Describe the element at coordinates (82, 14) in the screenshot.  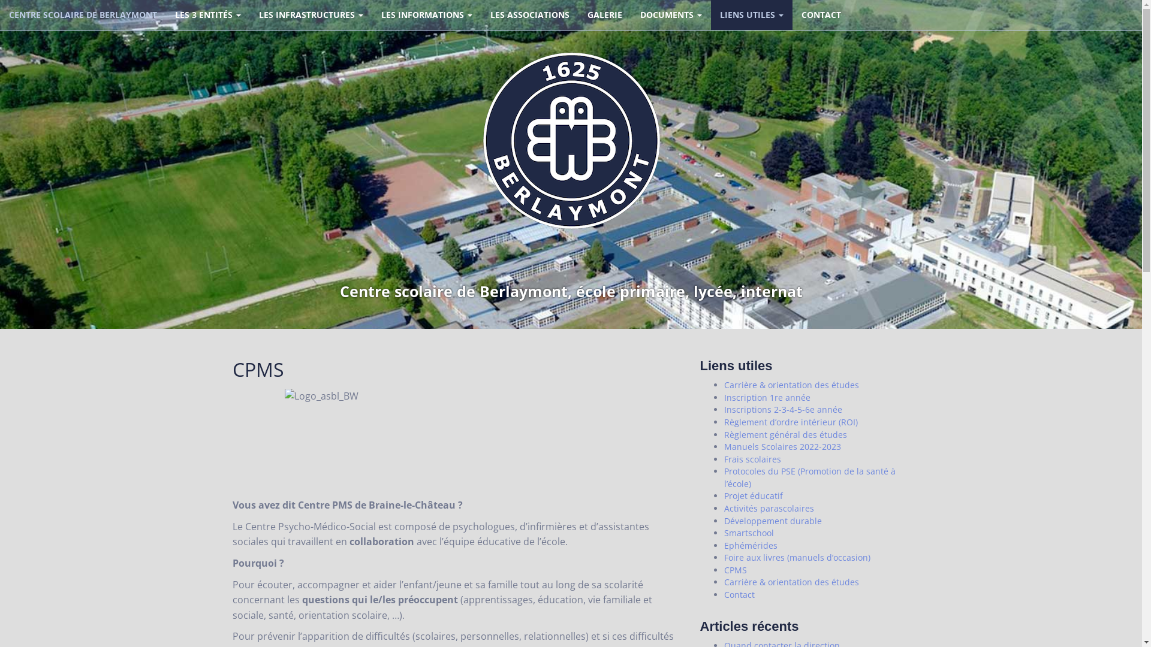
I see `'CENTRE SCOLAIRE DE BERLAYMONT'` at that location.